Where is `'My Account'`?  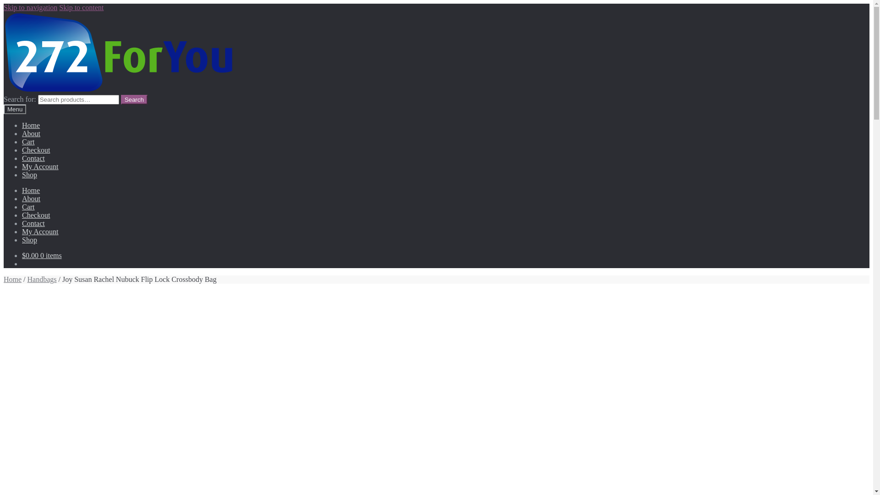
'My Account' is located at coordinates (39, 231).